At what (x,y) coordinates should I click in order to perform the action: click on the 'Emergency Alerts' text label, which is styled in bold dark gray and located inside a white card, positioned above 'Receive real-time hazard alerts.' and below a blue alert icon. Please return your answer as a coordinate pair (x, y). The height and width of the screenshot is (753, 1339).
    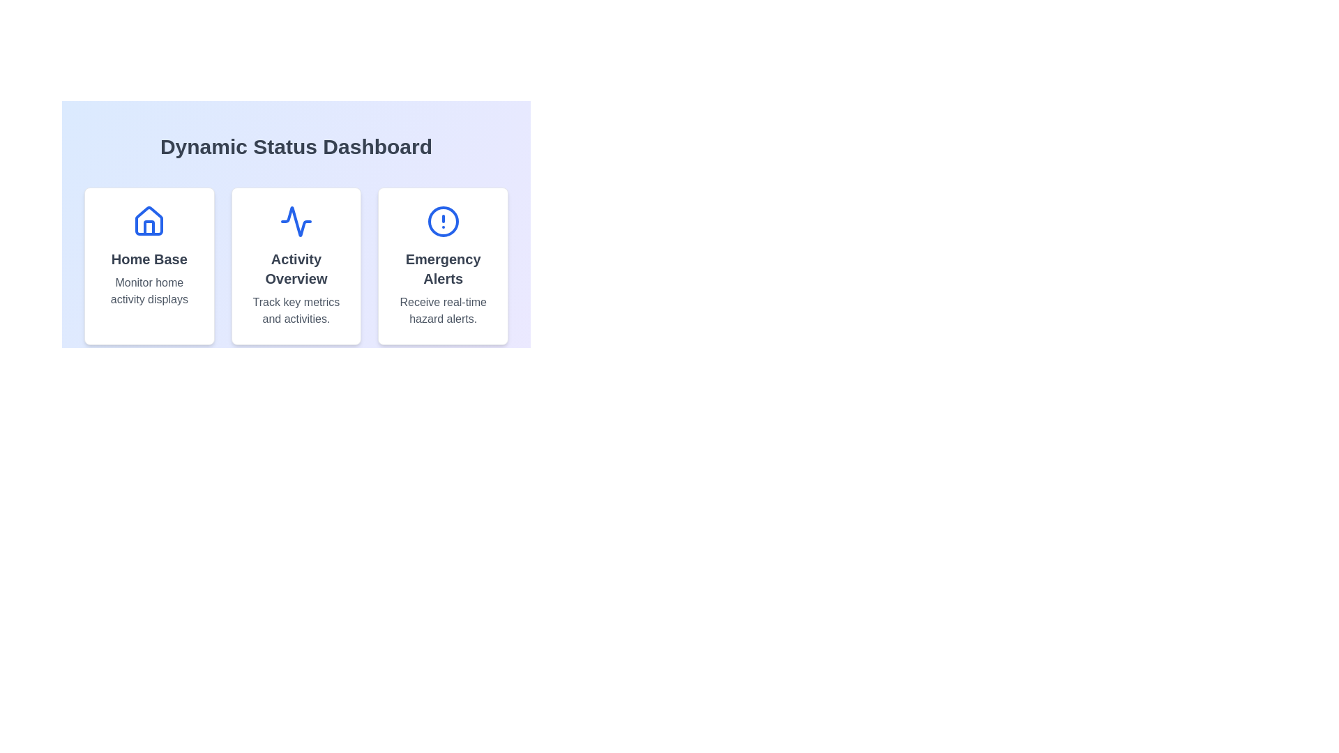
    Looking at the image, I should click on (442, 268).